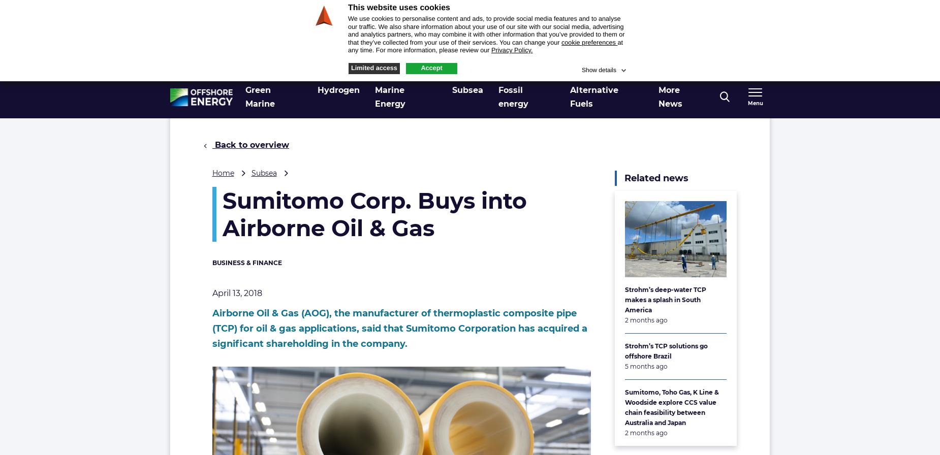 This screenshot has width=940, height=455. I want to click on 'Advertisement', so click(632, 46).